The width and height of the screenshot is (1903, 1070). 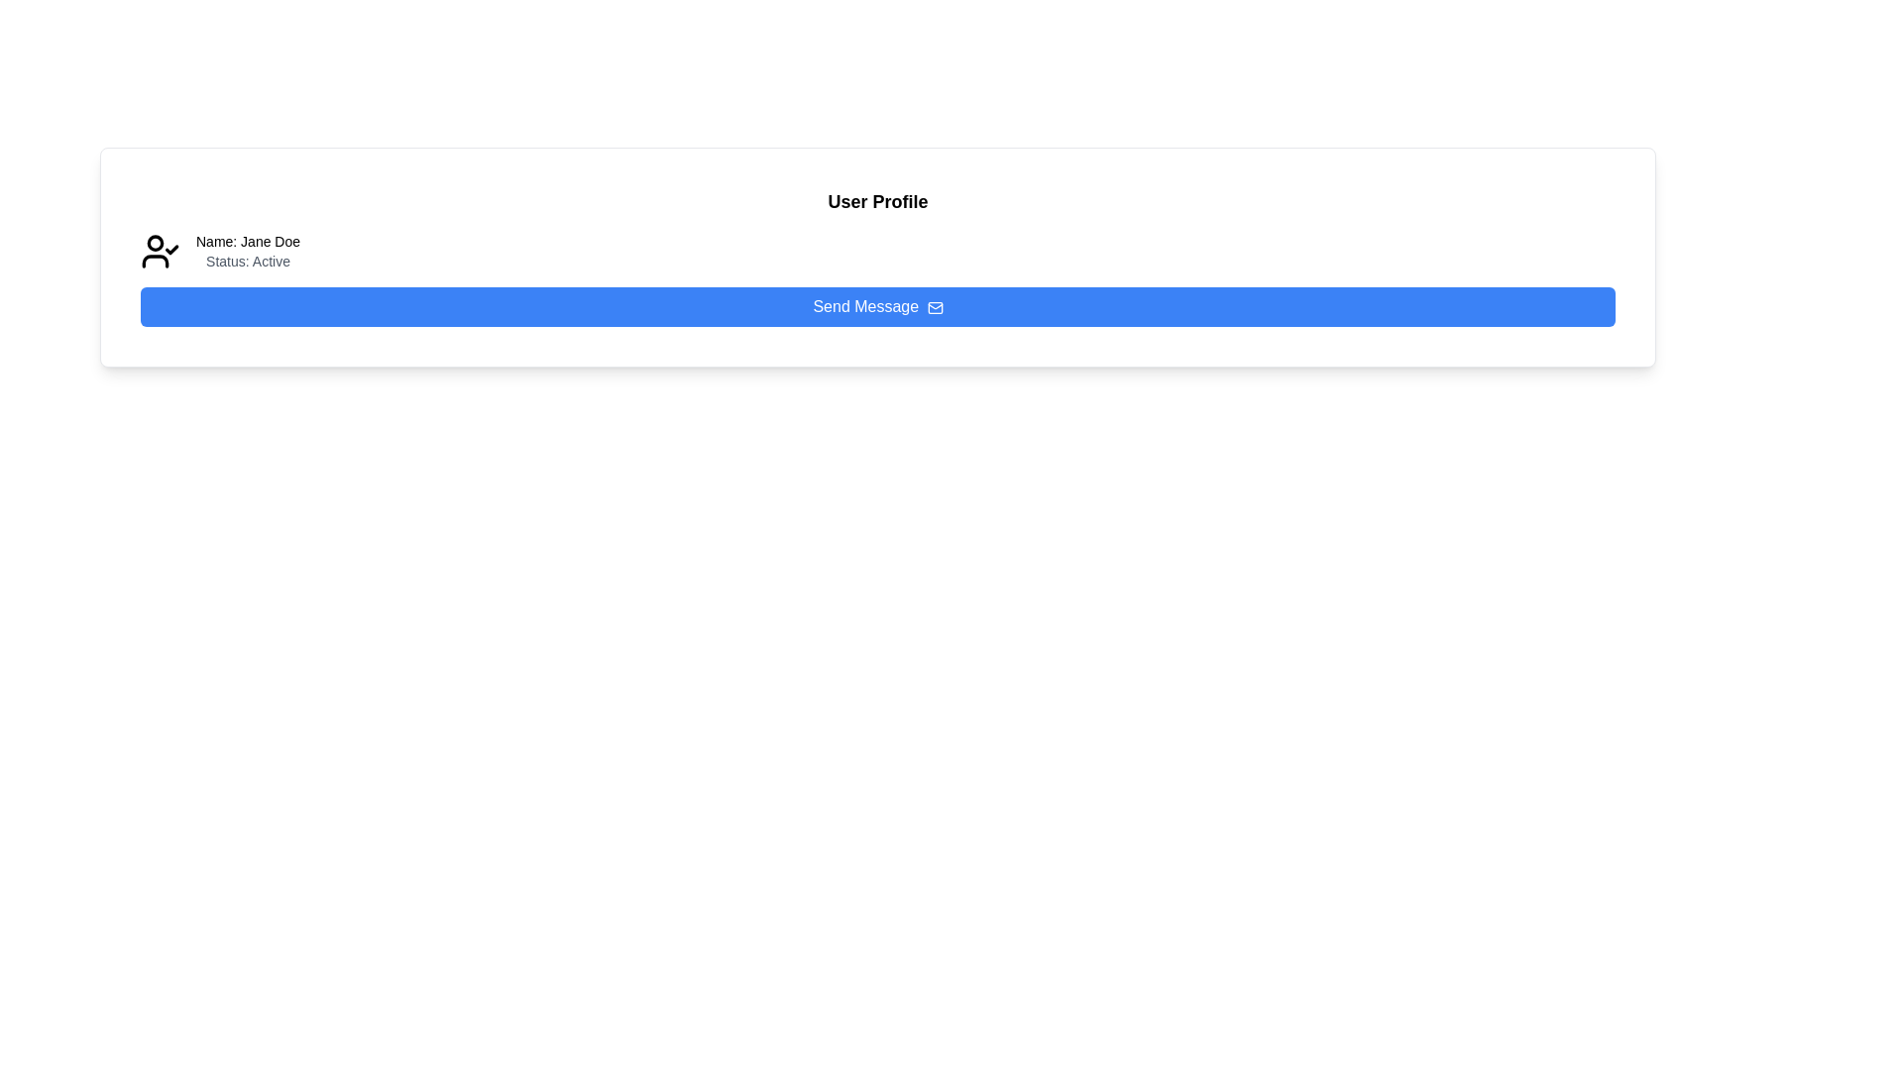 What do you see at coordinates (934, 307) in the screenshot?
I see `the mail icon located to the right of the 'Send Message' button to send a message` at bounding box center [934, 307].